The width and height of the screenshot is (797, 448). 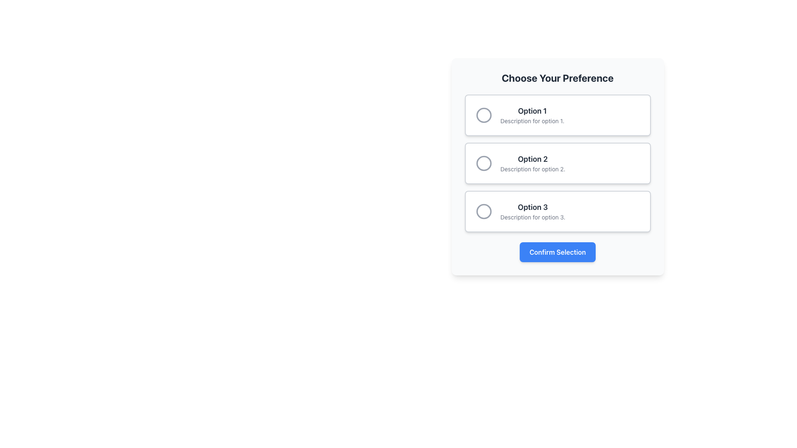 What do you see at coordinates (484, 163) in the screenshot?
I see `the radio button for 'Option 2' within the 'Choose Your Preference' group to indicate selection` at bounding box center [484, 163].